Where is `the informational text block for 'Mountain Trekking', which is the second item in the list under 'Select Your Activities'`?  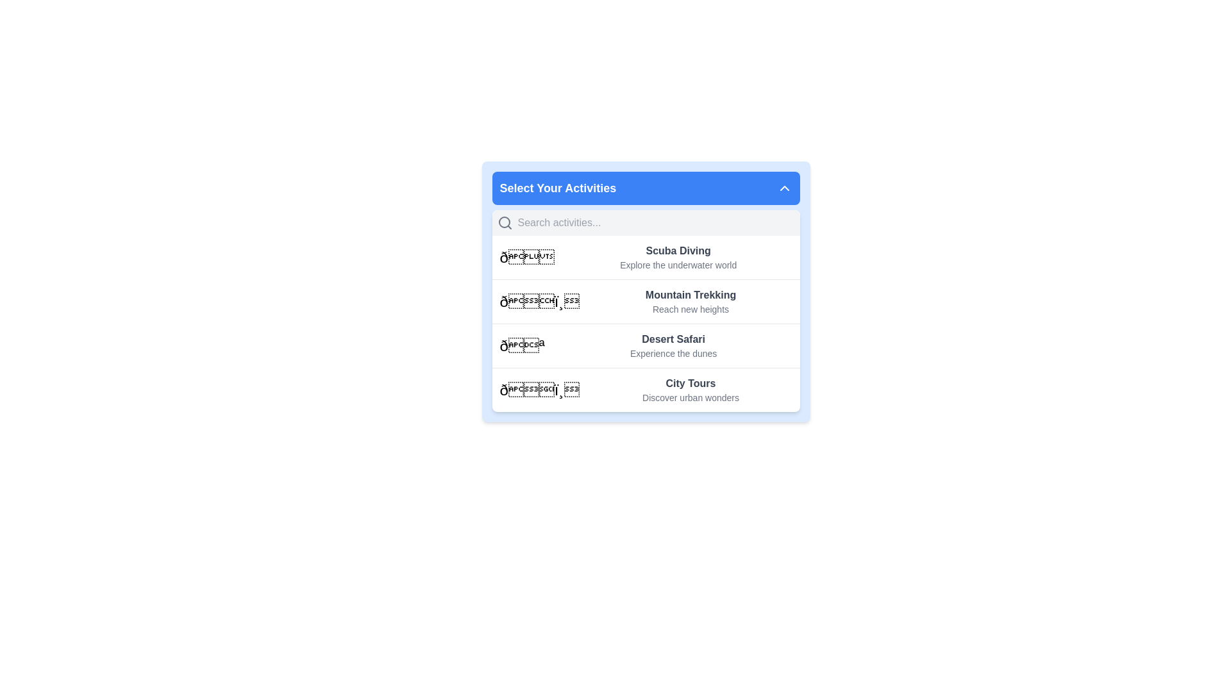
the informational text block for 'Mountain Trekking', which is the second item in the list under 'Select Your Activities' is located at coordinates (689, 301).